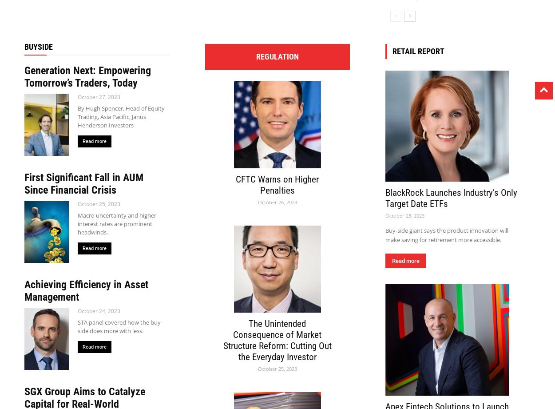 The image size is (555, 409). I want to click on 'The Unintended Consequence of Market Structure Reform: Cutting Out the Everyday Investor', so click(277, 340).